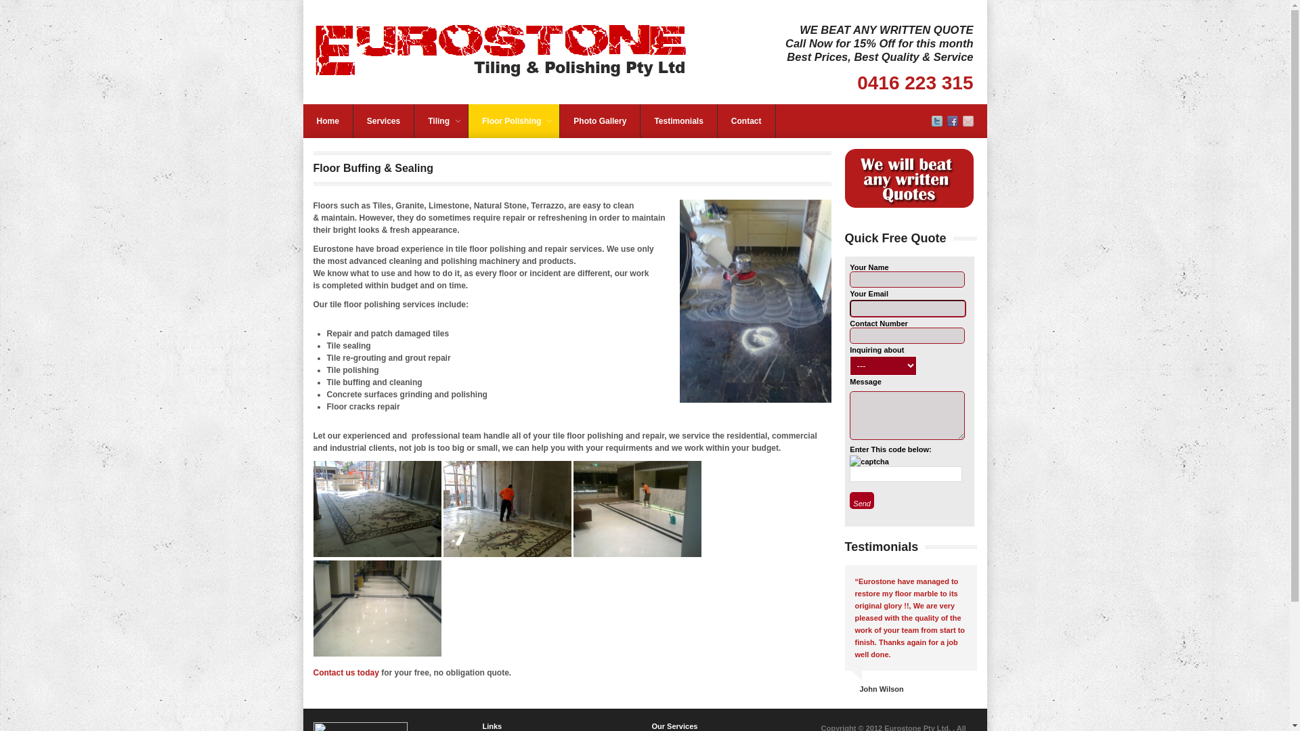  Describe the element at coordinates (745, 120) in the screenshot. I see `'Contact'` at that location.